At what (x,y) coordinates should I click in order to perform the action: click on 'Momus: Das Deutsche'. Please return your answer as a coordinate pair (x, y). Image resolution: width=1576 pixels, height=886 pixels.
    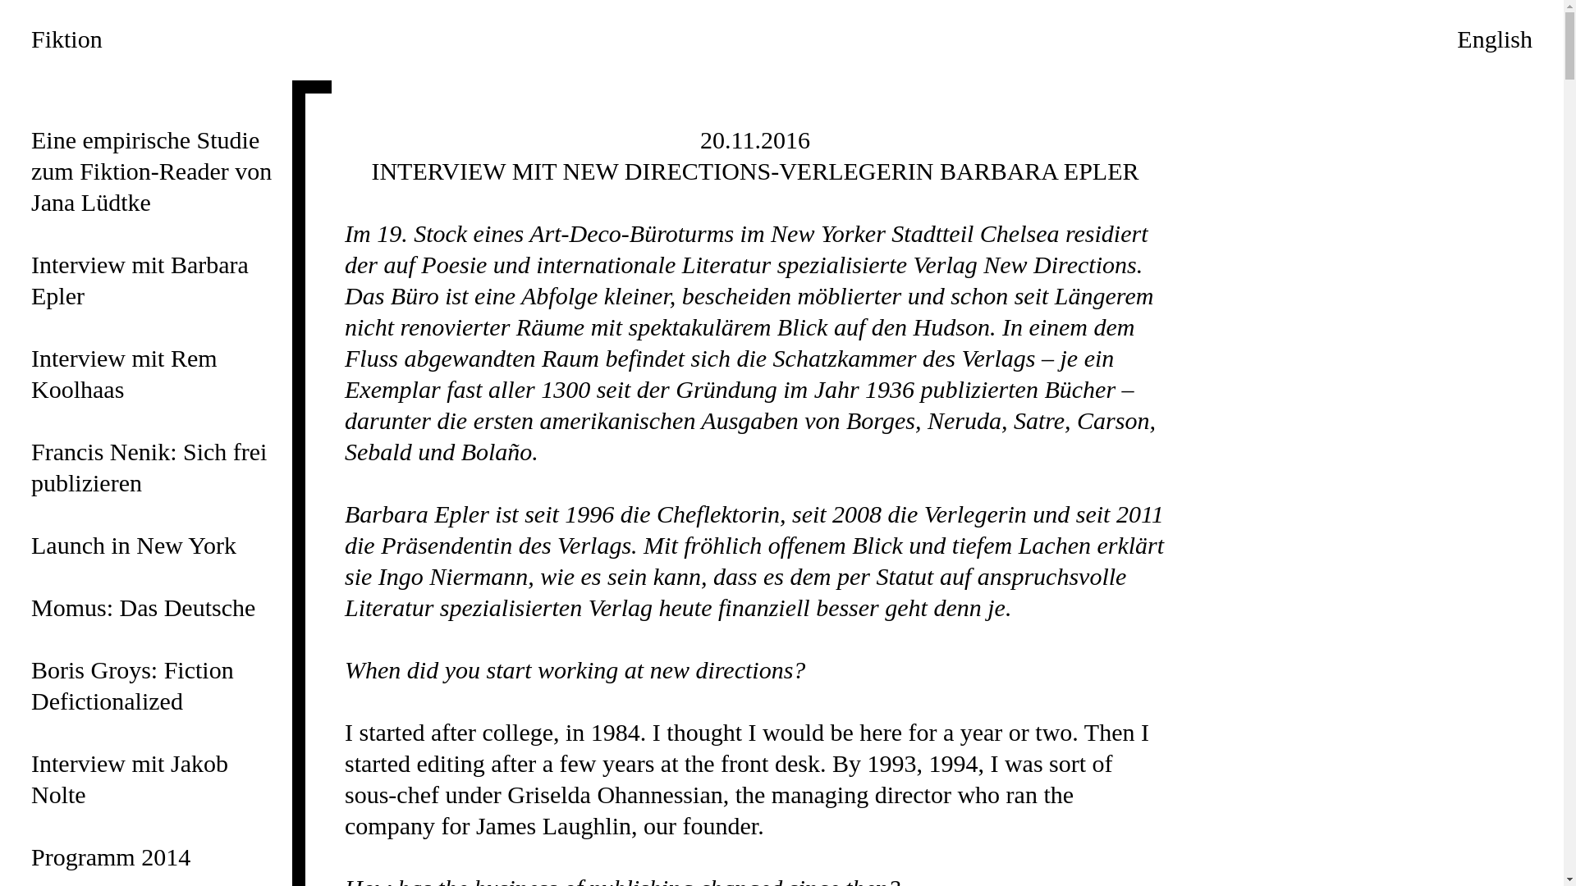
    Looking at the image, I should click on (143, 607).